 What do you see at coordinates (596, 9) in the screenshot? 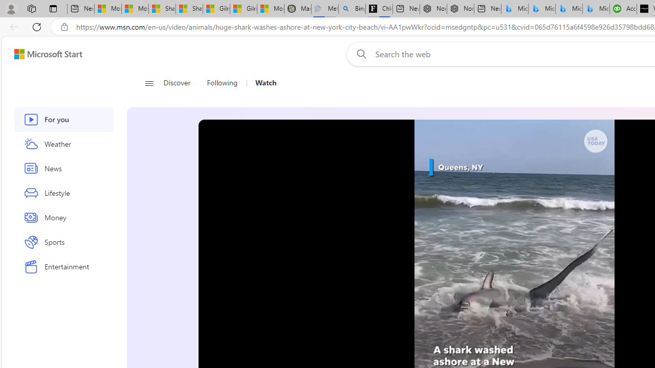
I see `'Microsoft Bing Travel - Shangri-La Hotel Bangkok'` at bounding box center [596, 9].